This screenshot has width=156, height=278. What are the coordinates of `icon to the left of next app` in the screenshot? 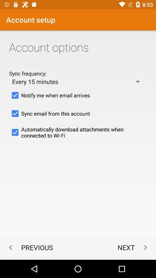 It's located at (29, 247).